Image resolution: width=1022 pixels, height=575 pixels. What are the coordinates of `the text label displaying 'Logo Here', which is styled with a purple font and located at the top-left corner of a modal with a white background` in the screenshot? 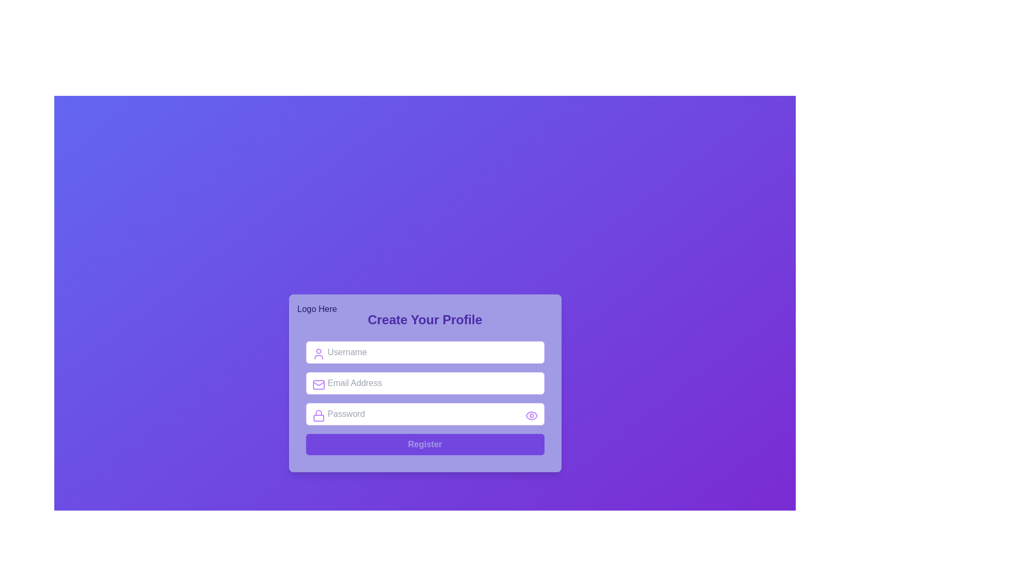 It's located at (316, 309).